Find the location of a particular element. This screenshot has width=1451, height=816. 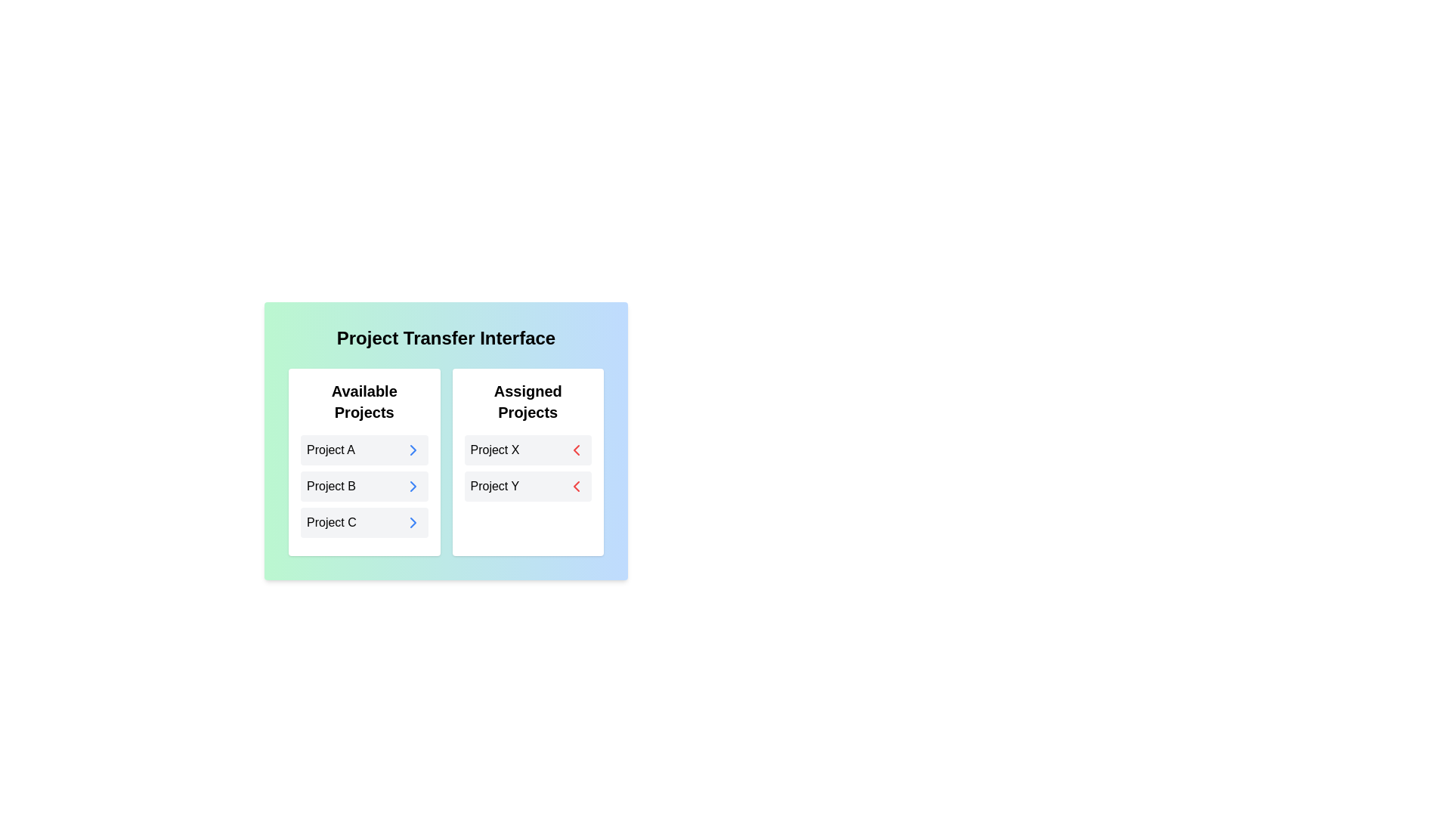

the button with a chevron icon located to the far-right side of the list item labeled 'Project A' within the 'Available Projects' section is located at coordinates (413, 450).